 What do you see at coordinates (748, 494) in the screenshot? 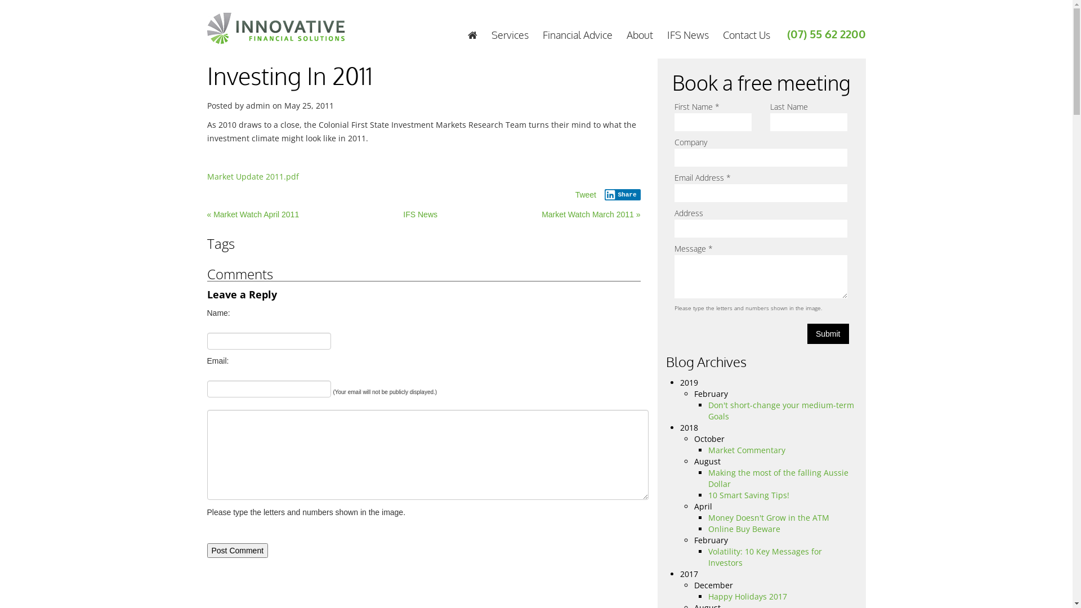
I see `'10 Smart Saving Tips!'` at bounding box center [748, 494].